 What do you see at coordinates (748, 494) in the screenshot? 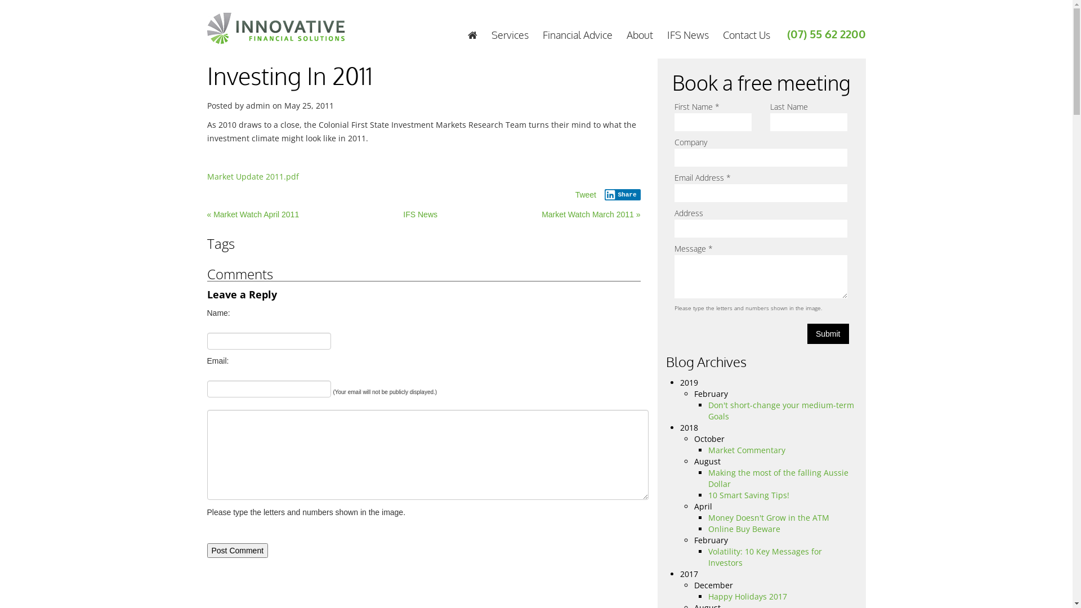
I see `'10 Smart Saving Tips!'` at bounding box center [748, 494].